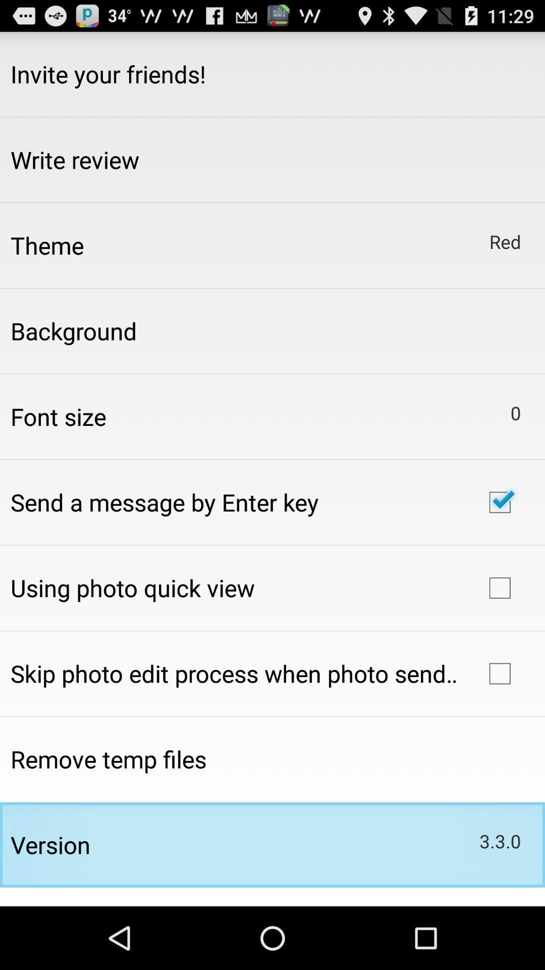 The image size is (545, 970). What do you see at coordinates (47, 245) in the screenshot?
I see `the app above background` at bounding box center [47, 245].